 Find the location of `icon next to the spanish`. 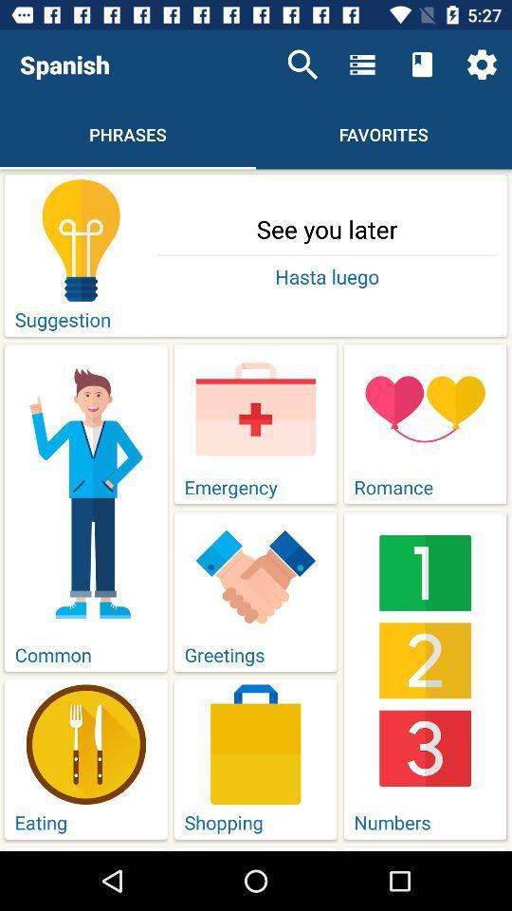

icon next to the spanish is located at coordinates (302, 65).